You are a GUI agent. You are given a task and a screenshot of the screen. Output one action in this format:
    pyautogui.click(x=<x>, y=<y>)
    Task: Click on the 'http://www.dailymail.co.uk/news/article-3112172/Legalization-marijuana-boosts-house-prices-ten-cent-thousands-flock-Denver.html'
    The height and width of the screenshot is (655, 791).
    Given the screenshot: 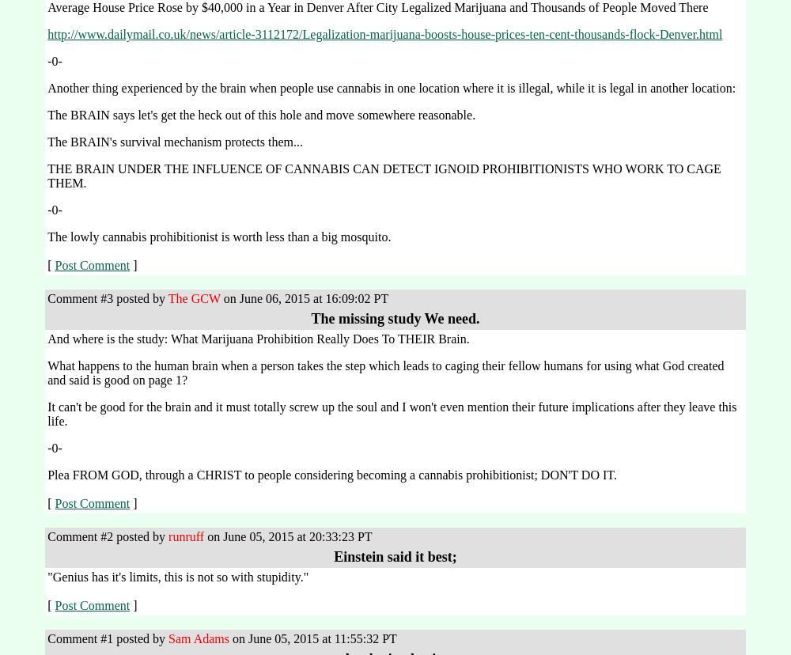 What is the action you would take?
    pyautogui.click(x=384, y=33)
    